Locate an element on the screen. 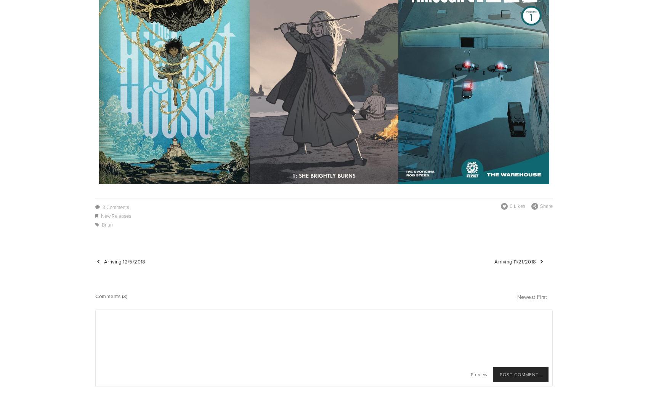 This screenshot has width=648, height=407. 'New Releases' is located at coordinates (101, 216).